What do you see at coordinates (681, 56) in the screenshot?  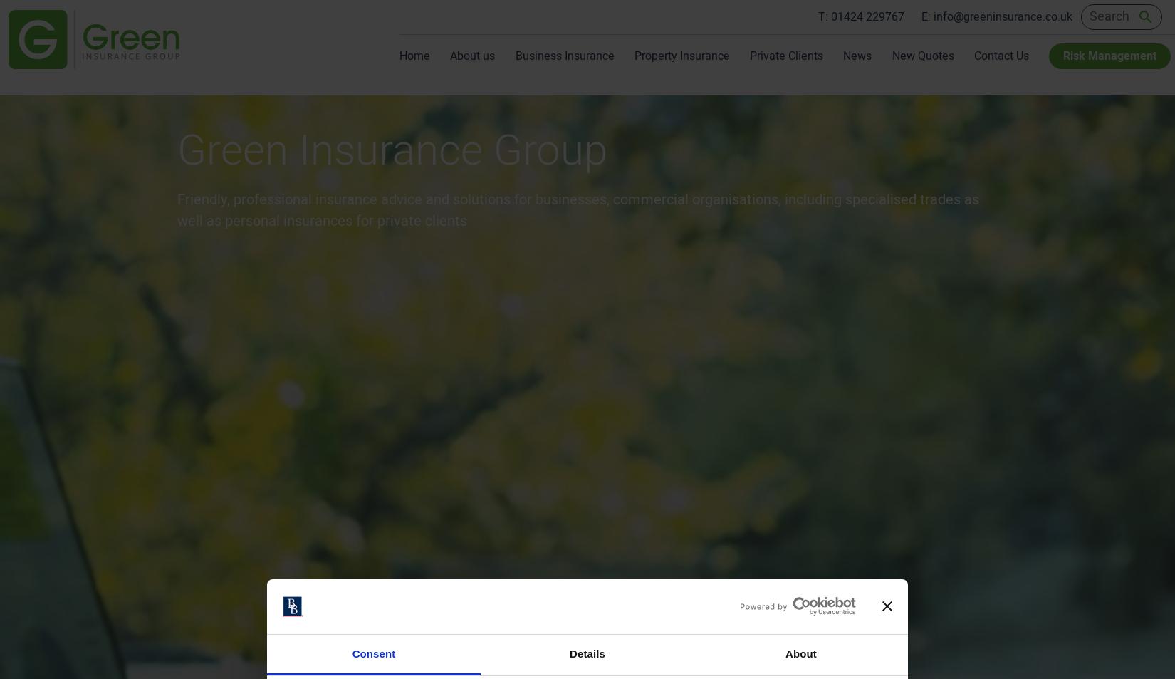 I see `'Property Insurance'` at bounding box center [681, 56].